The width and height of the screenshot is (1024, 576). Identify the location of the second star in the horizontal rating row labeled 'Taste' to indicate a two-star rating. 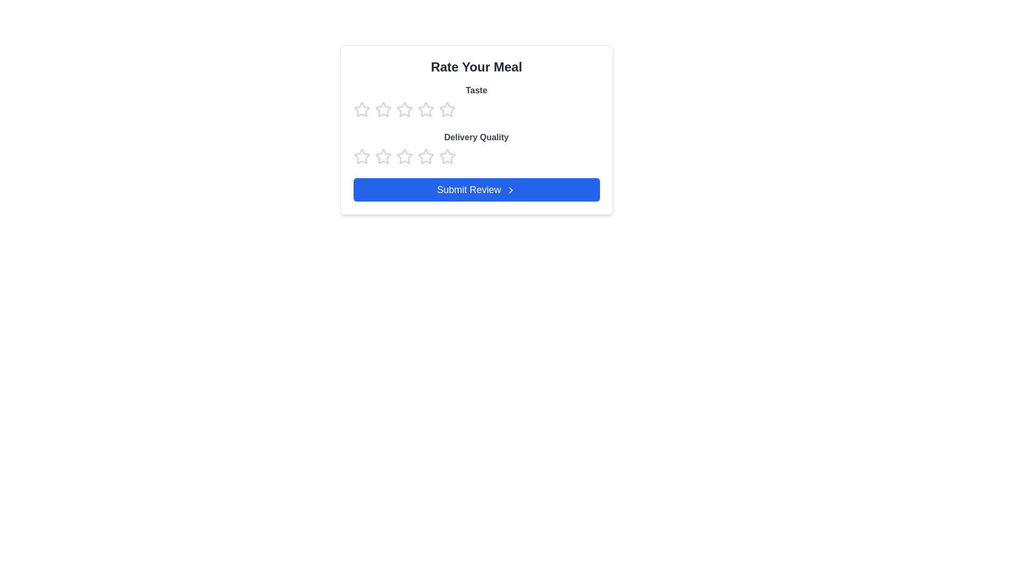
(383, 109).